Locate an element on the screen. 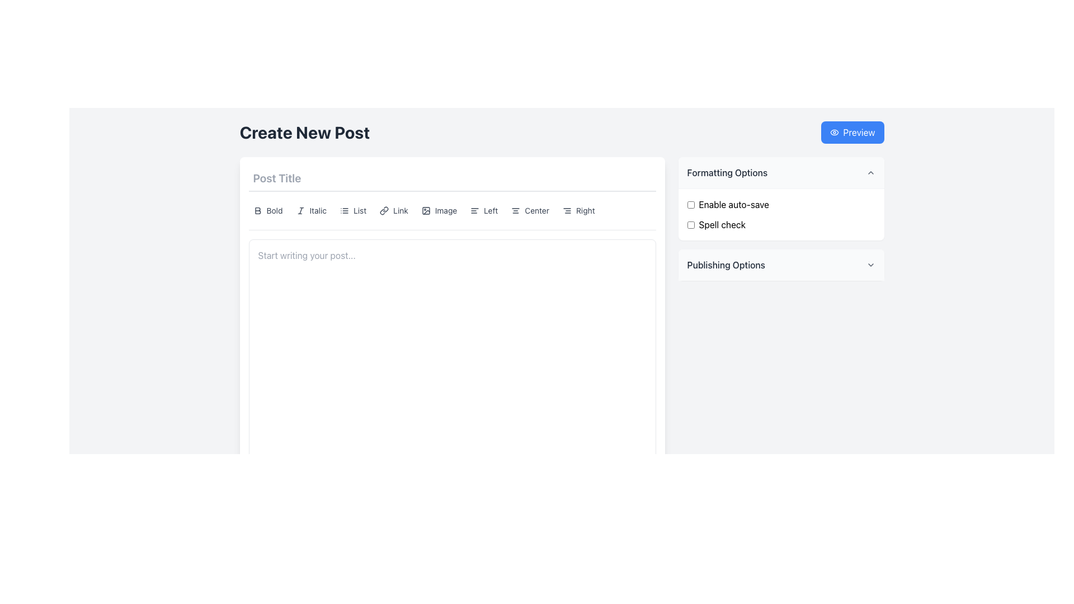 This screenshot has height=604, width=1074. the 'Right' button in the alignment toolbar to set right alignment is located at coordinates (578, 211).